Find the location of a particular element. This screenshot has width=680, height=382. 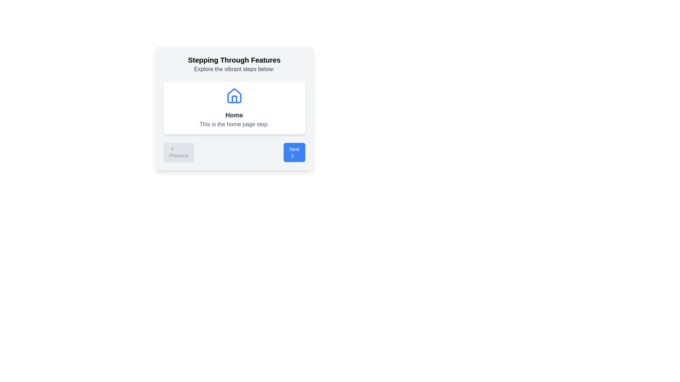

the navigation bar containing the 'Previous' and 'Next' buttons for additional visual feedback is located at coordinates (234, 152).